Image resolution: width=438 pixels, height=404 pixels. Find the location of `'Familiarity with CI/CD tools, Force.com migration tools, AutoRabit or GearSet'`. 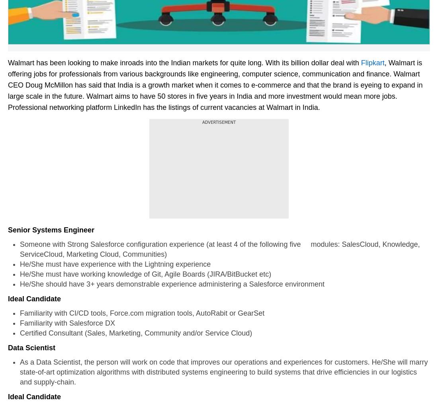

'Familiarity with CI/CD tools, Force.com migration tools, AutoRabit or GearSet' is located at coordinates (142, 312).